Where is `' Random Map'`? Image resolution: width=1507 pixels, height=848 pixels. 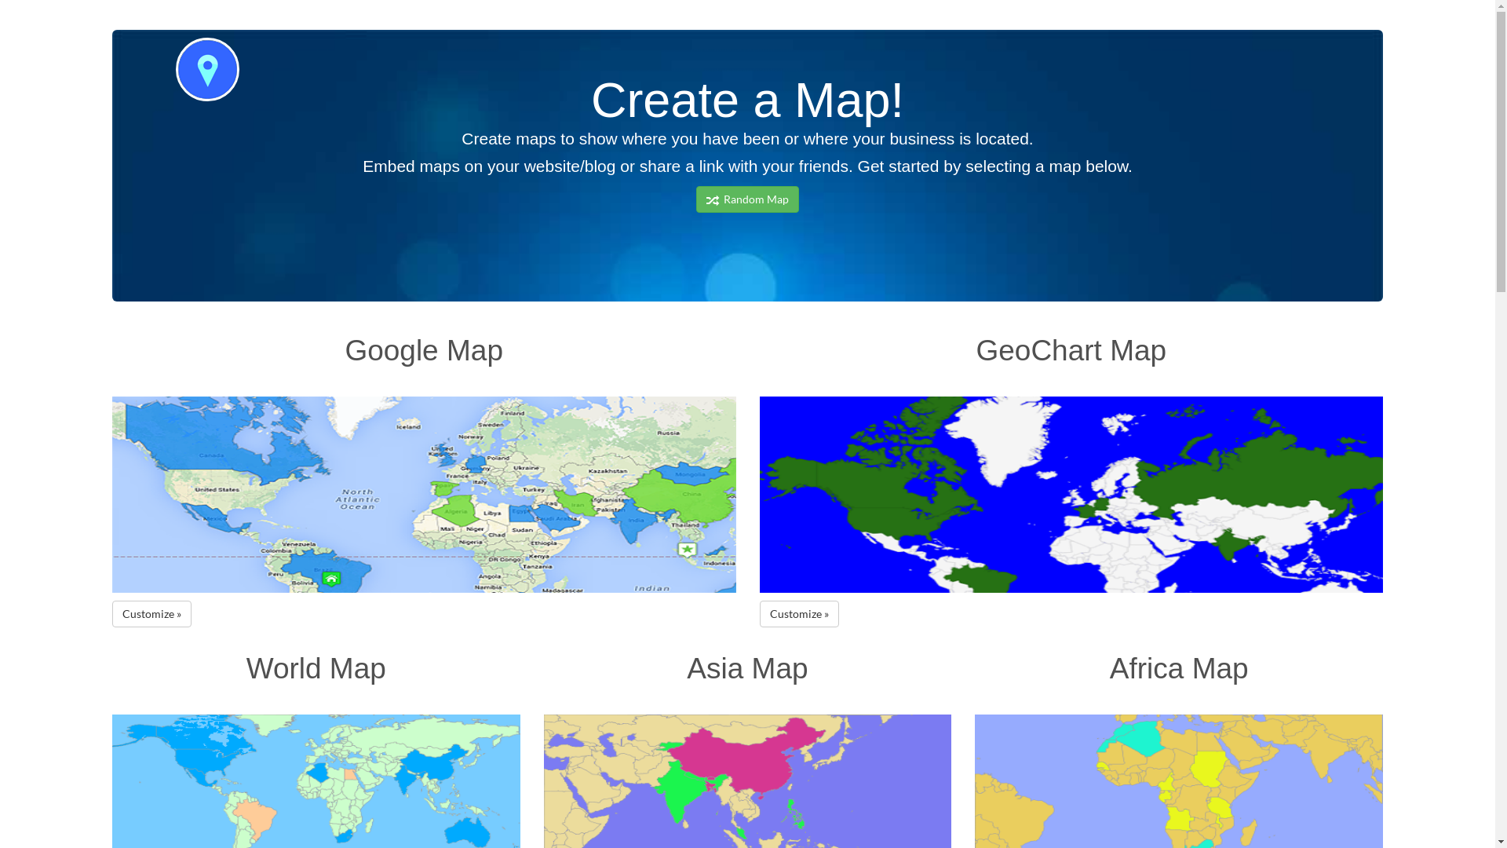
' Random Map' is located at coordinates (695, 199).